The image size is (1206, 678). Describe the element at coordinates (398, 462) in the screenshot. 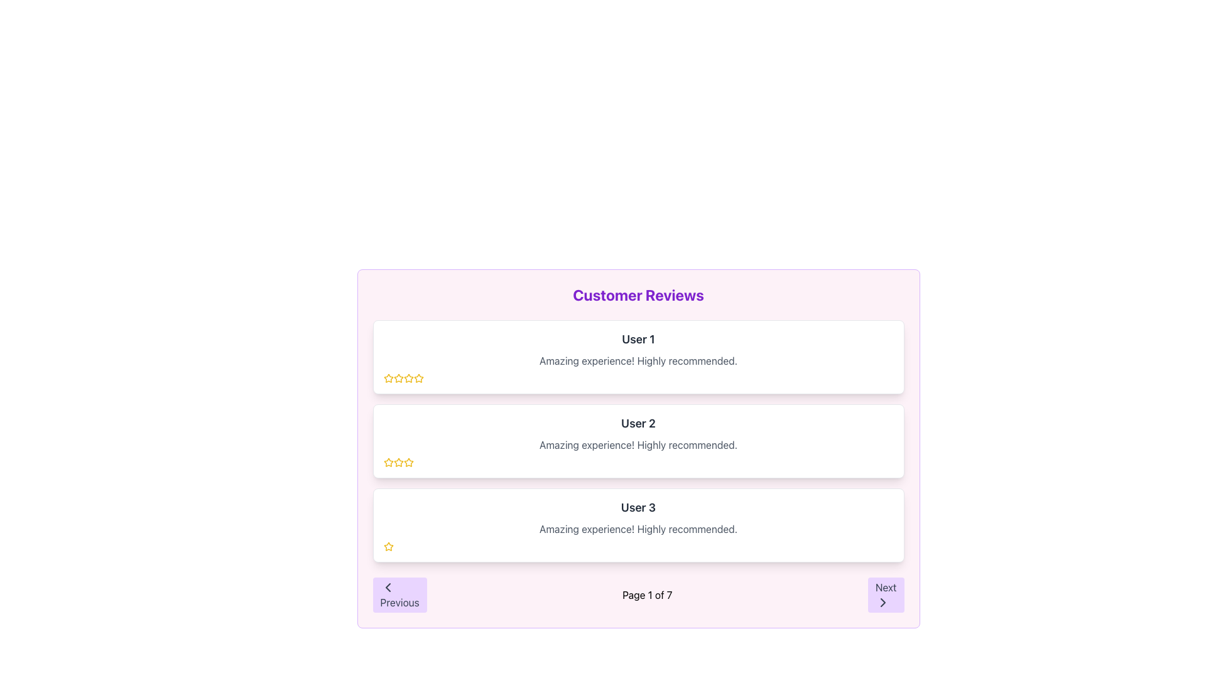

I see `the second star in the graphical rating star system located in the second row of the user review section` at that location.